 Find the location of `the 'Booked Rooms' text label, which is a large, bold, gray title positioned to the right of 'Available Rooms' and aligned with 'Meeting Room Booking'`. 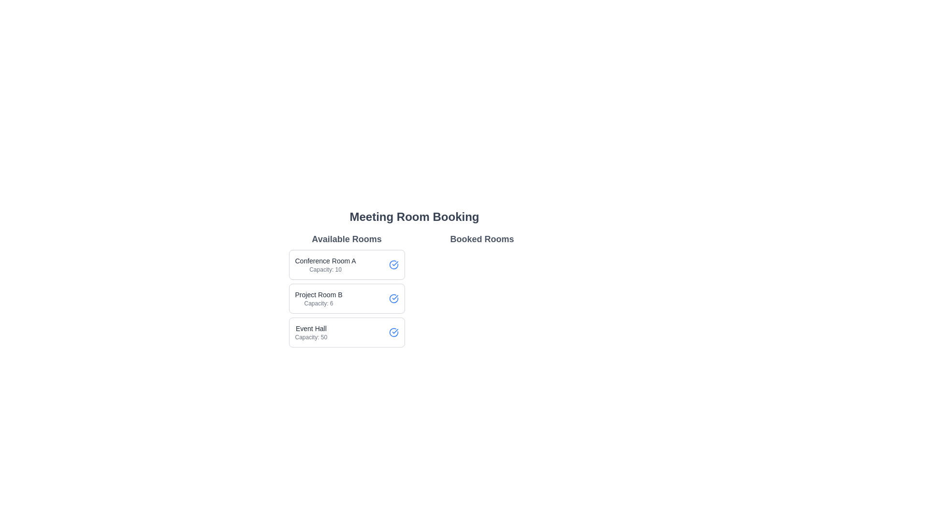

the 'Booked Rooms' text label, which is a large, bold, gray title positioned to the right of 'Available Rooms' and aligned with 'Meeting Room Booking' is located at coordinates (482, 239).